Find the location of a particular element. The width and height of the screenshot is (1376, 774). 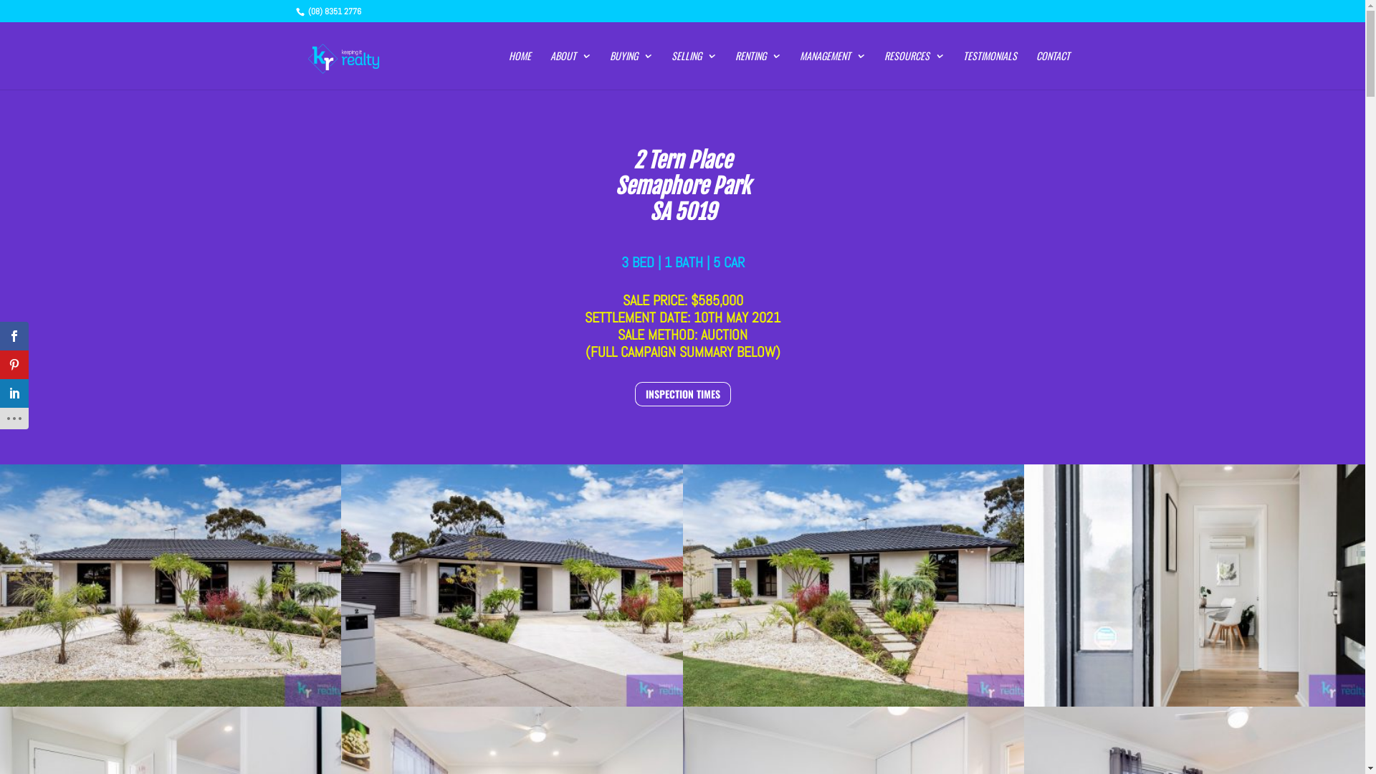

'BUYING' is located at coordinates (608, 70).